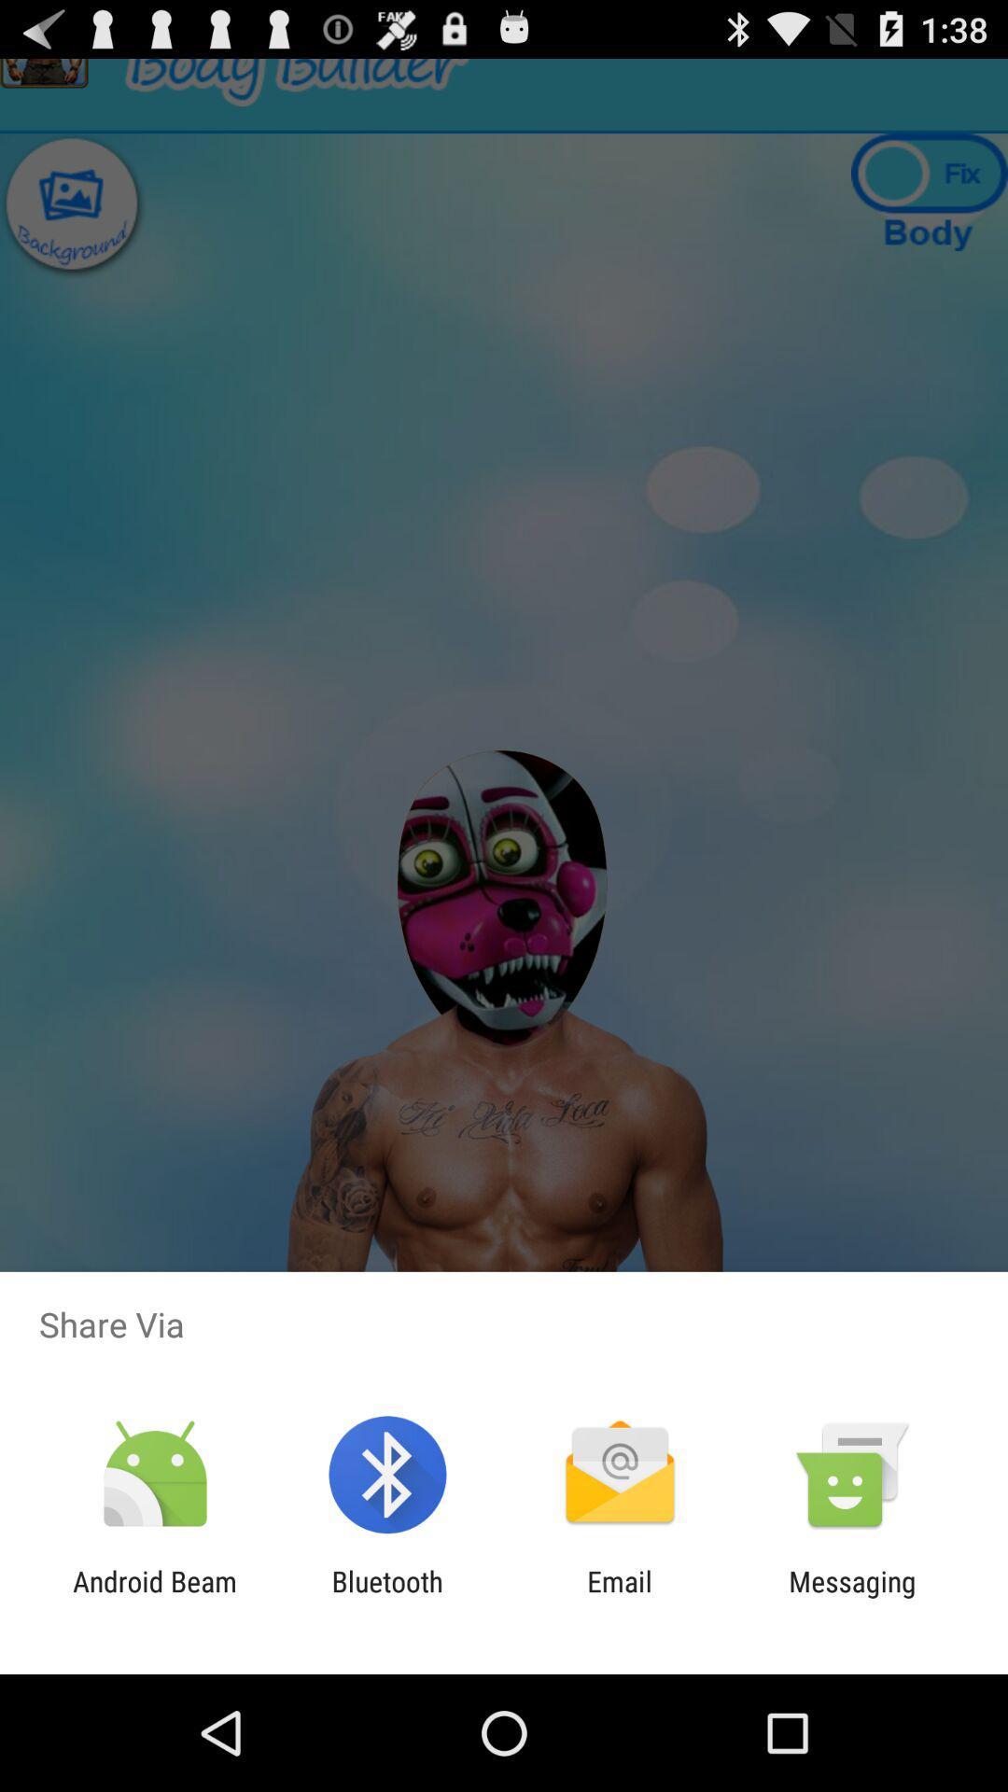  What do you see at coordinates (620, 1597) in the screenshot?
I see `the item next to the messaging item` at bounding box center [620, 1597].